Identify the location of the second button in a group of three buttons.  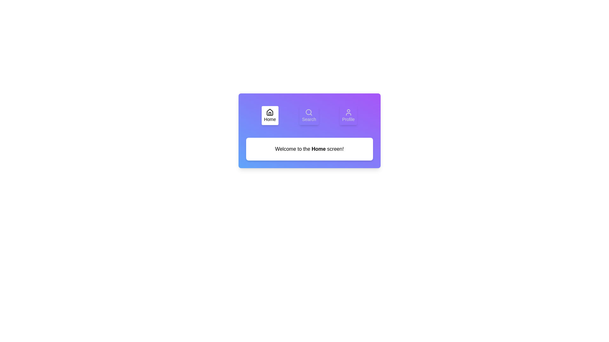
(309, 116).